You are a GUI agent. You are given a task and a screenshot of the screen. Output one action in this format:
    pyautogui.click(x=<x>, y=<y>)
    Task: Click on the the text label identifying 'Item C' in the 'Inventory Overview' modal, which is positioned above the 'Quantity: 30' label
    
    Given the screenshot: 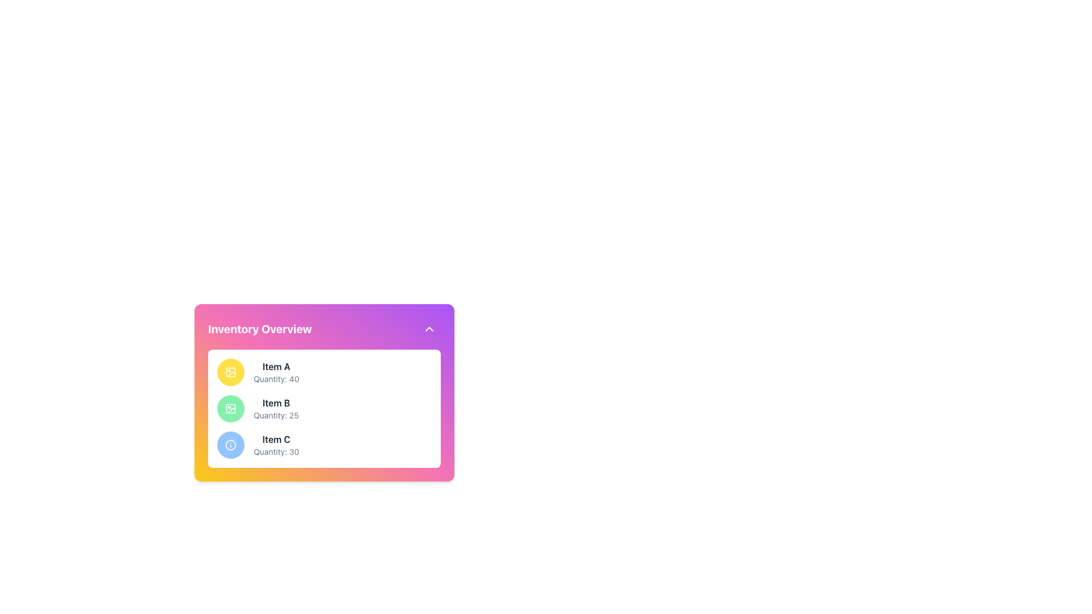 What is the action you would take?
    pyautogui.click(x=276, y=438)
    